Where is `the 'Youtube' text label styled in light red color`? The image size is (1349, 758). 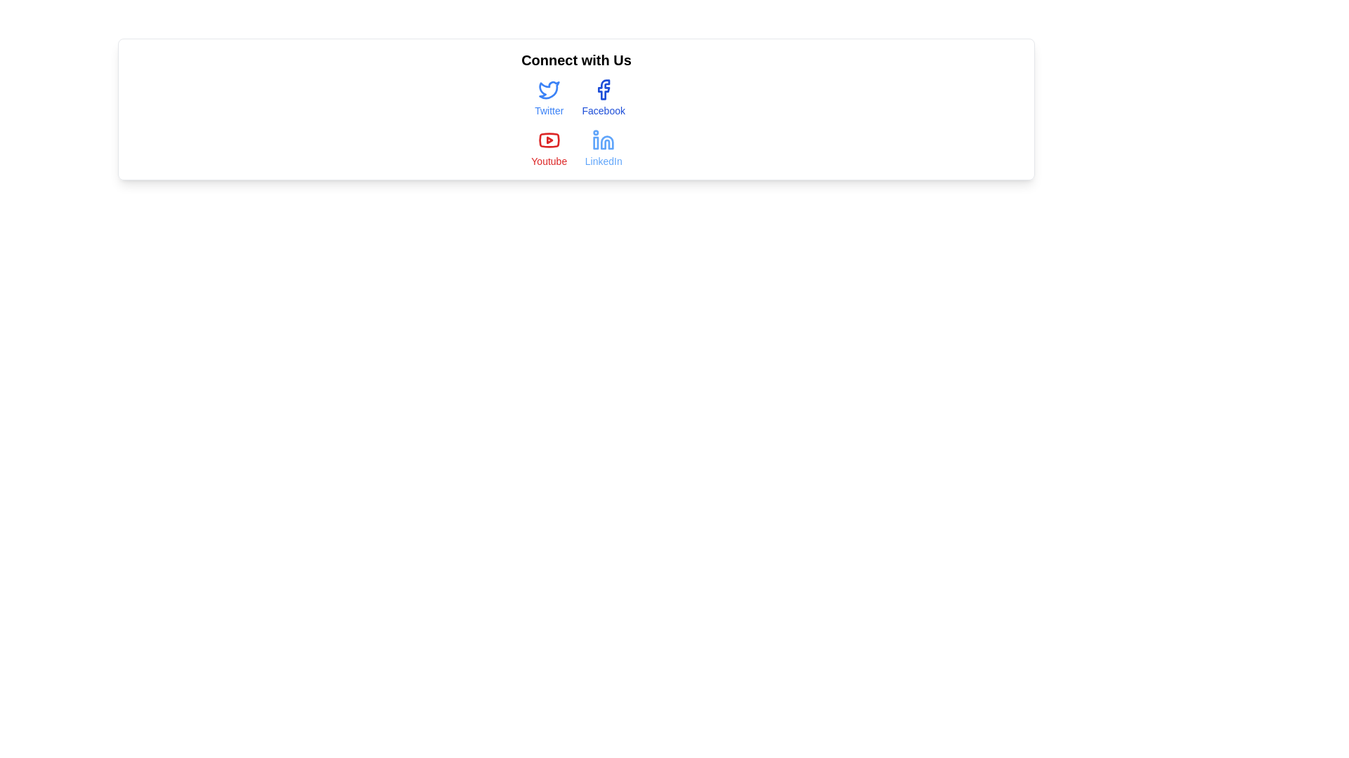
the 'Youtube' text label styled in light red color is located at coordinates (548, 161).